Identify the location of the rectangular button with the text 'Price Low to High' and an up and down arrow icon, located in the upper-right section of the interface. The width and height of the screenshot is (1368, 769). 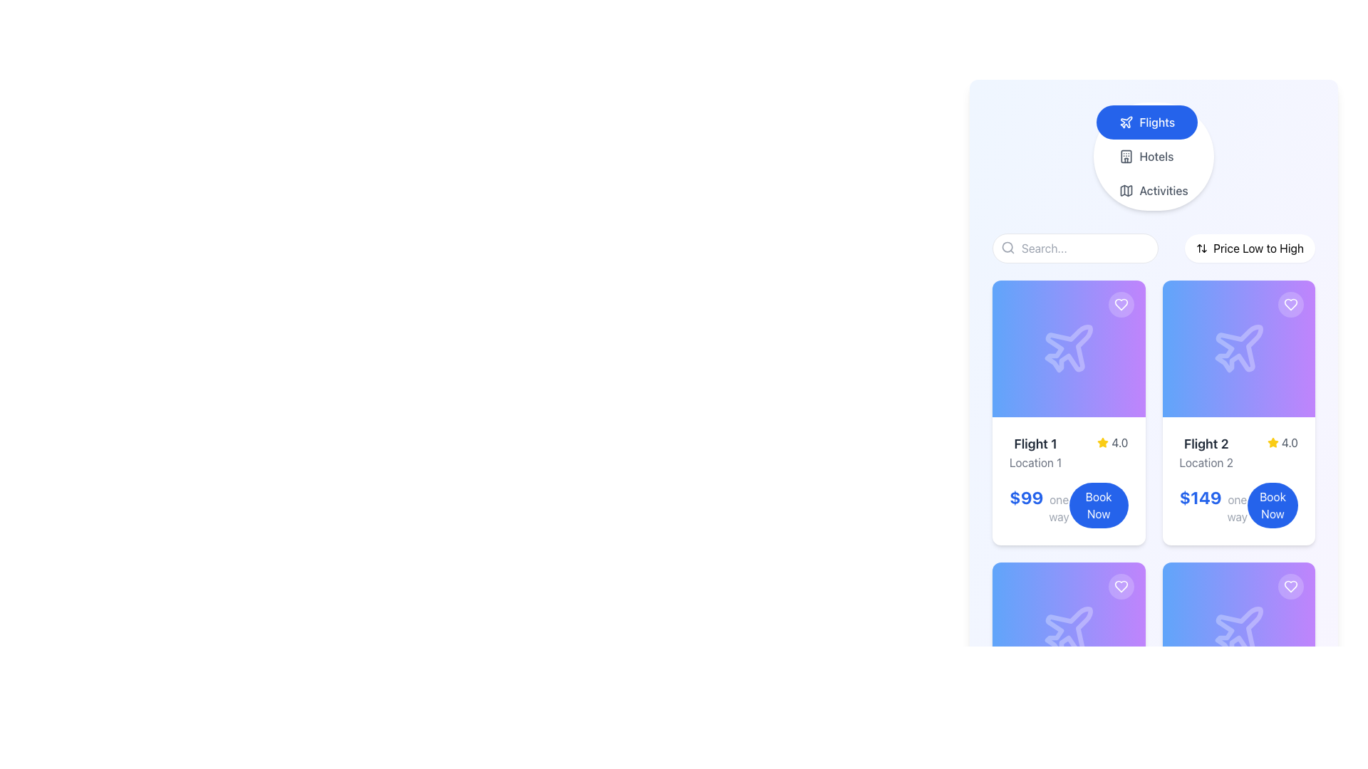
(1249, 247).